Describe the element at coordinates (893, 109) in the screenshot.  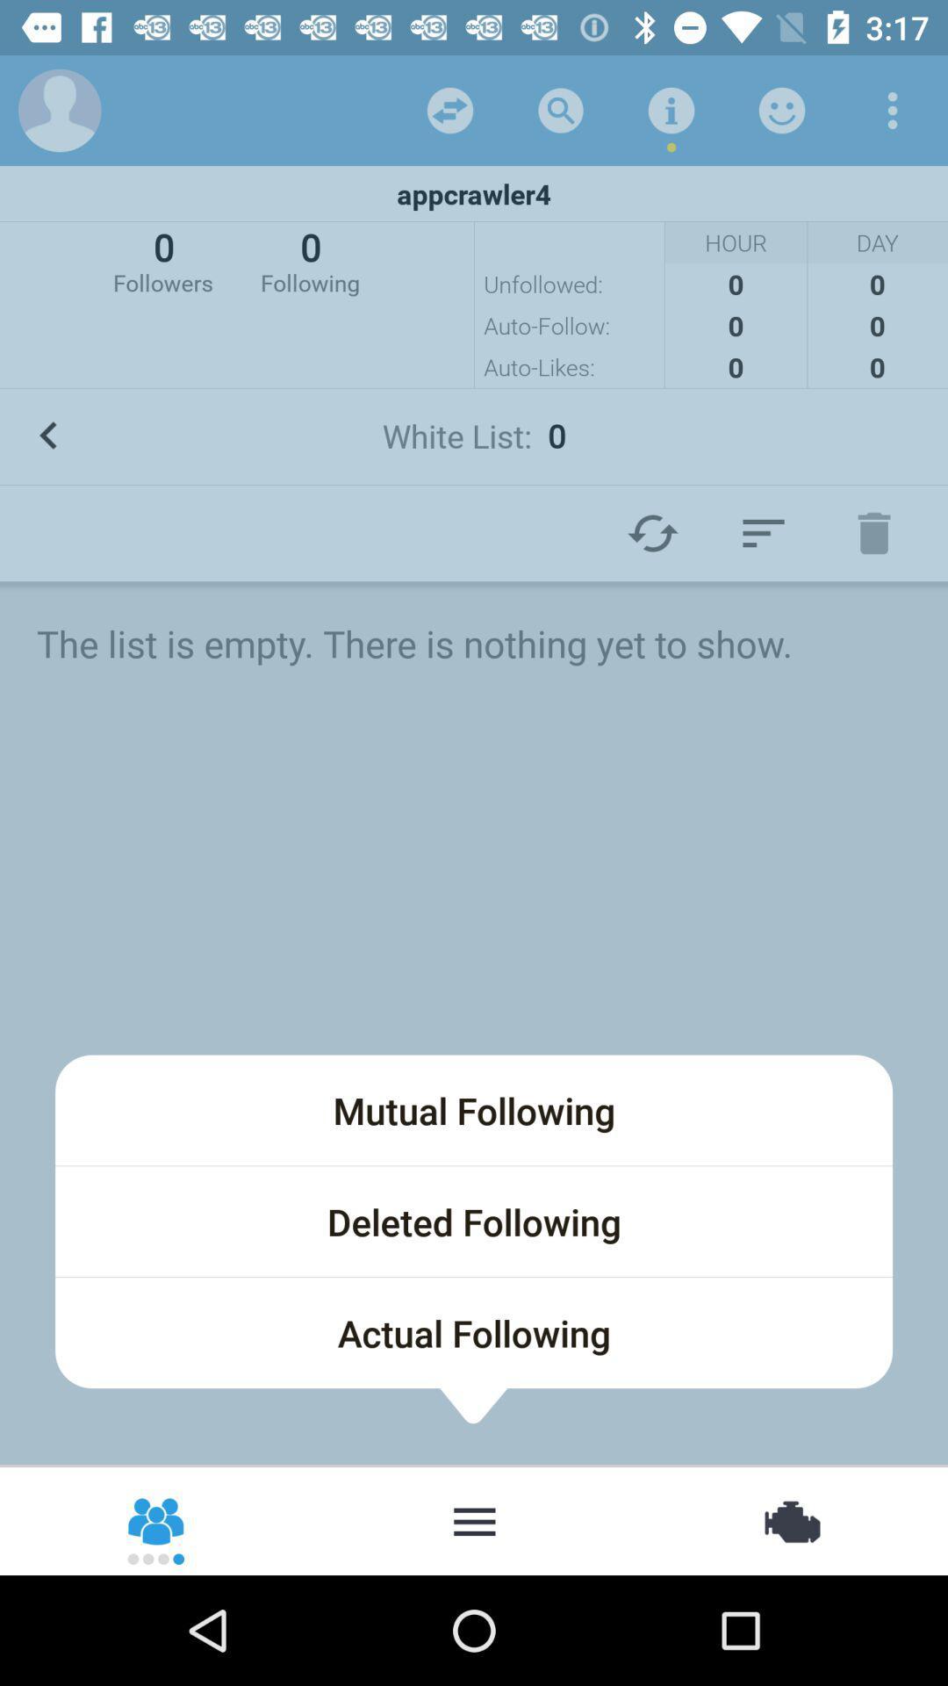
I see `more options` at that location.